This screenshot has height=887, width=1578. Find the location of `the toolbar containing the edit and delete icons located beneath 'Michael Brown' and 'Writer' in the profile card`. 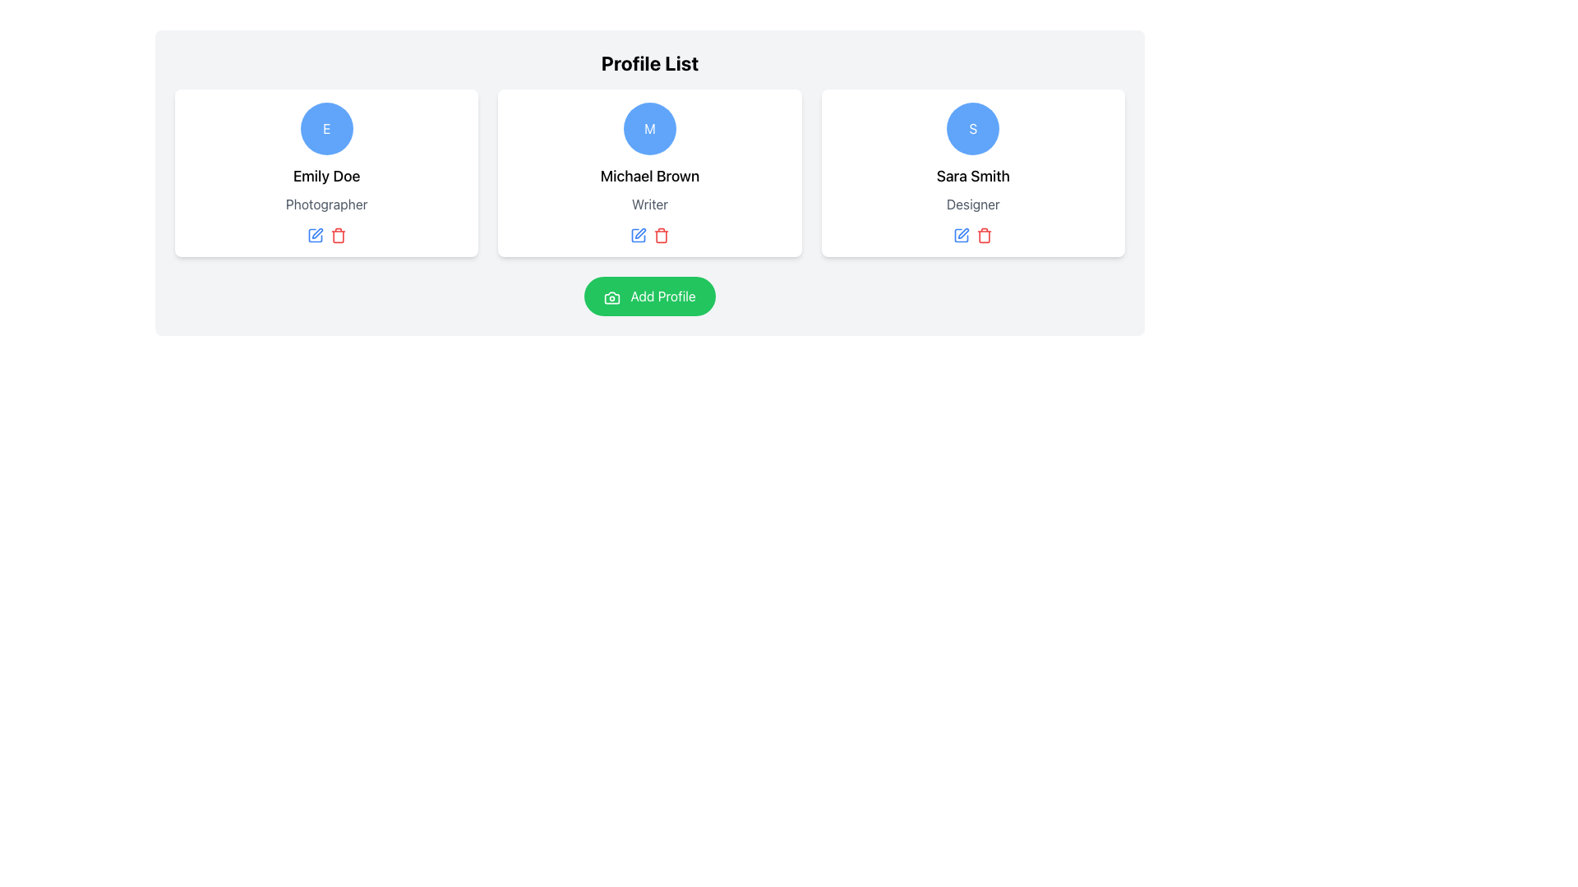

the toolbar containing the edit and delete icons located beneath 'Michael Brown' and 'Writer' in the profile card is located at coordinates (649, 235).